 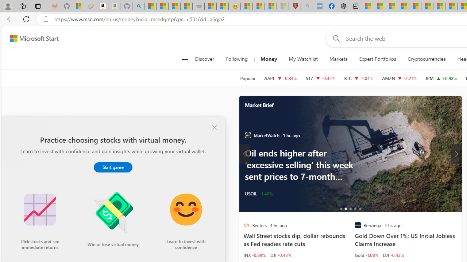 I want to click on '12 Popular Science Lies that Must be Corrected - Sleeping', so click(x=282, y=6).